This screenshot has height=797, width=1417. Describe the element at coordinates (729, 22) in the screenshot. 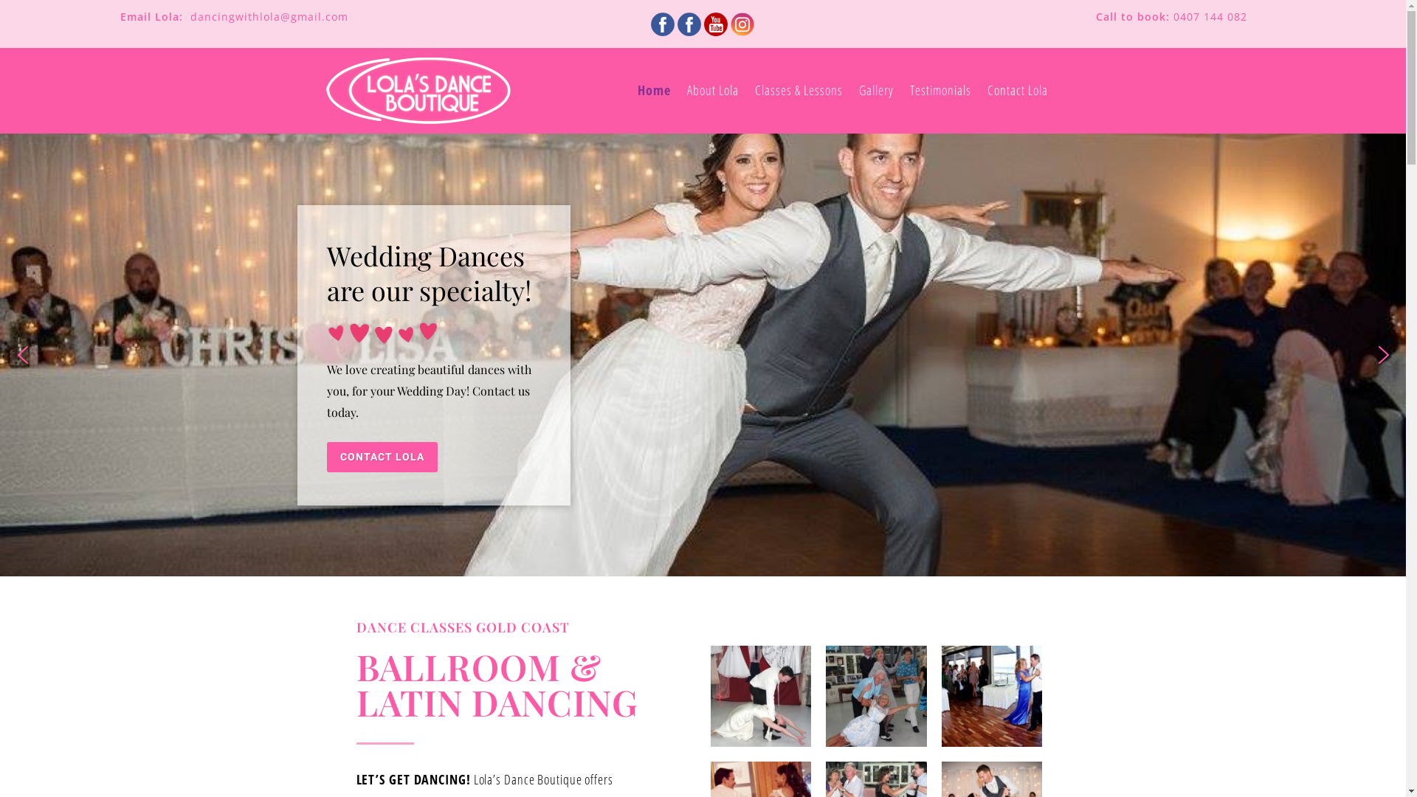

I see `'Instagram'` at that location.